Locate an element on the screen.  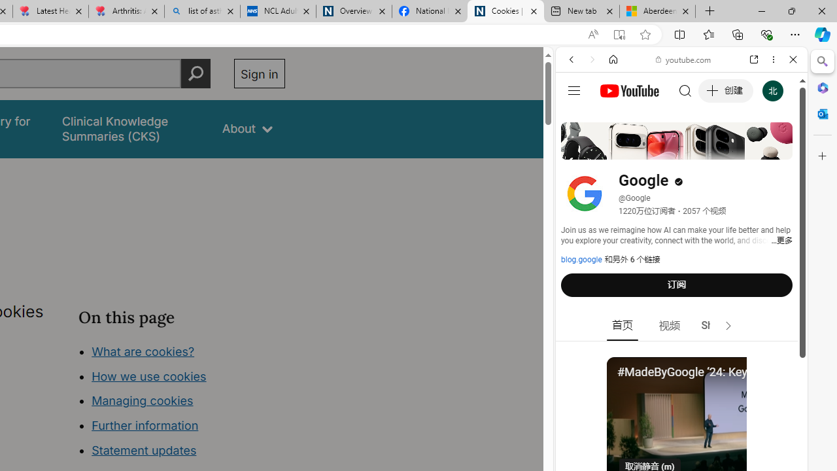
'Search Filter, VIDEOS' is located at coordinates (658, 148).